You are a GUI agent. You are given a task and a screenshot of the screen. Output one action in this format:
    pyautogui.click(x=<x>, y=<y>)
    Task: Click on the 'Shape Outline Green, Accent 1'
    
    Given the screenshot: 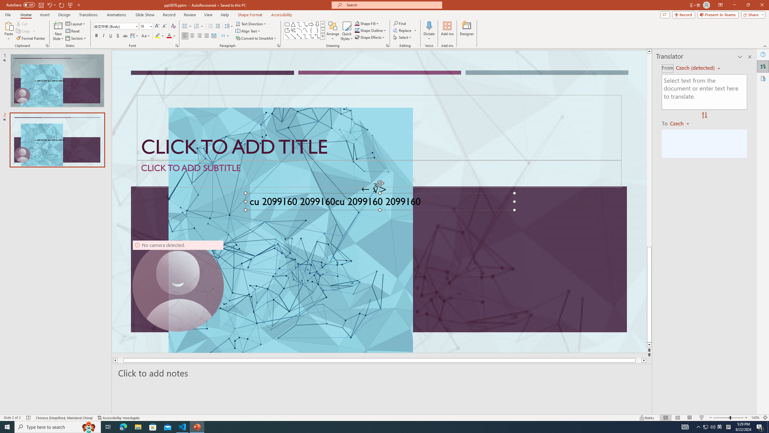 What is the action you would take?
    pyautogui.click(x=357, y=30)
    